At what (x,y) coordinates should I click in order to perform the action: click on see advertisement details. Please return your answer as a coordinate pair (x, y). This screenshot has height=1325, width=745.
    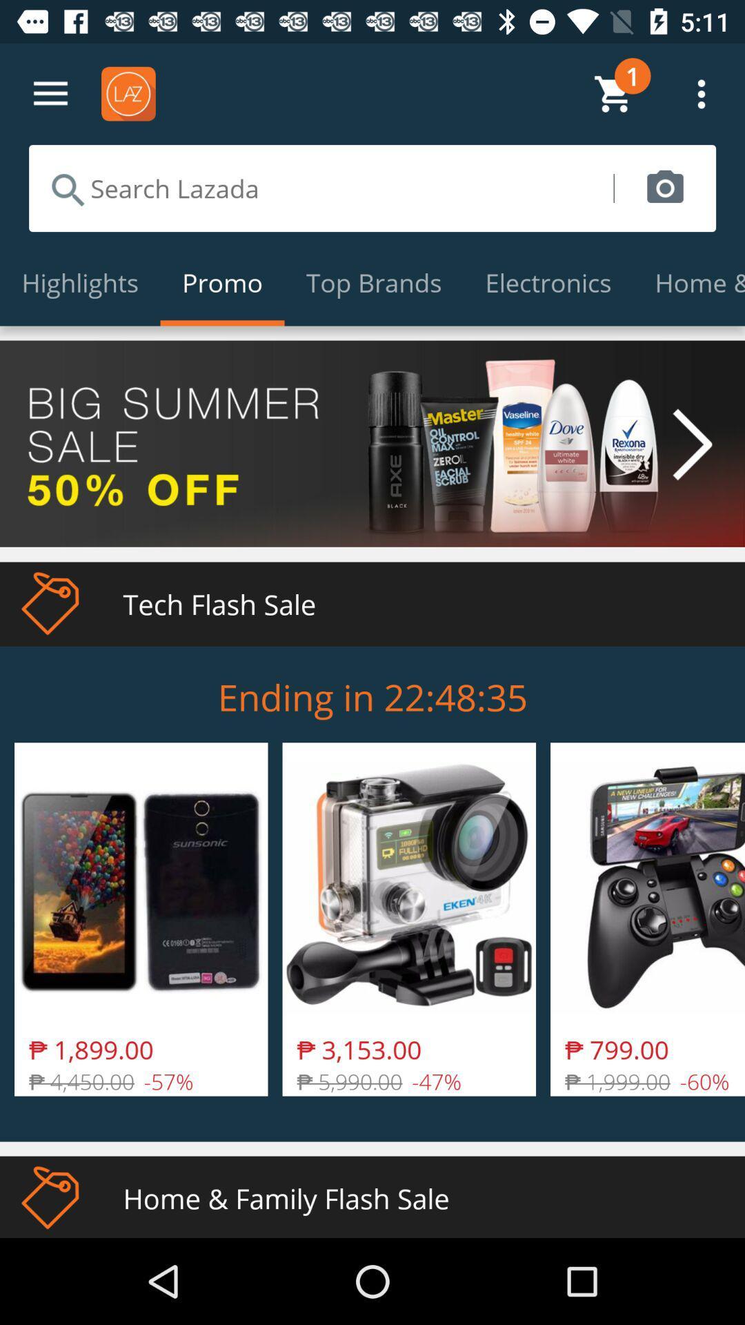
    Looking at the image, I should click on (372, 444).